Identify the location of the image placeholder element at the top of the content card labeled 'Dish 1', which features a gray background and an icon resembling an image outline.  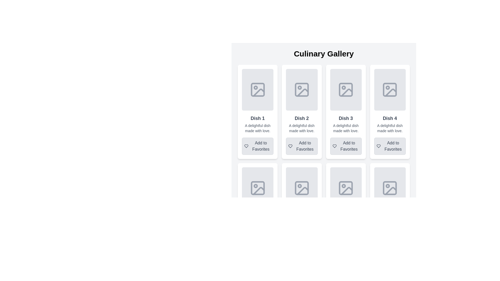
(258, 89).